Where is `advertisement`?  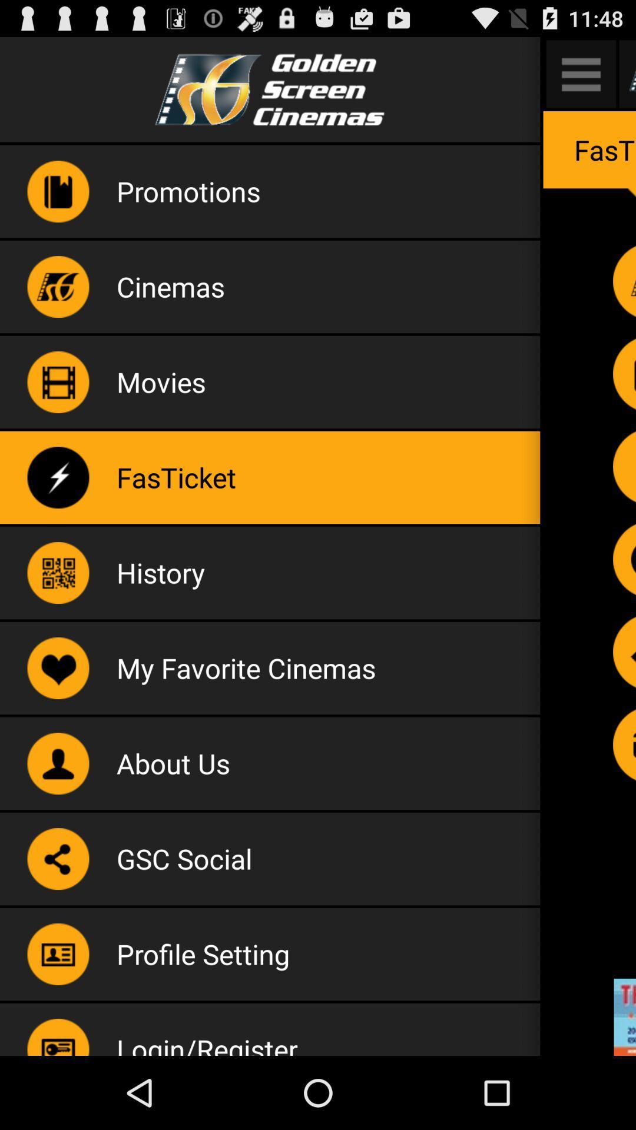
advertisement is located at coordinates (624, 1016).